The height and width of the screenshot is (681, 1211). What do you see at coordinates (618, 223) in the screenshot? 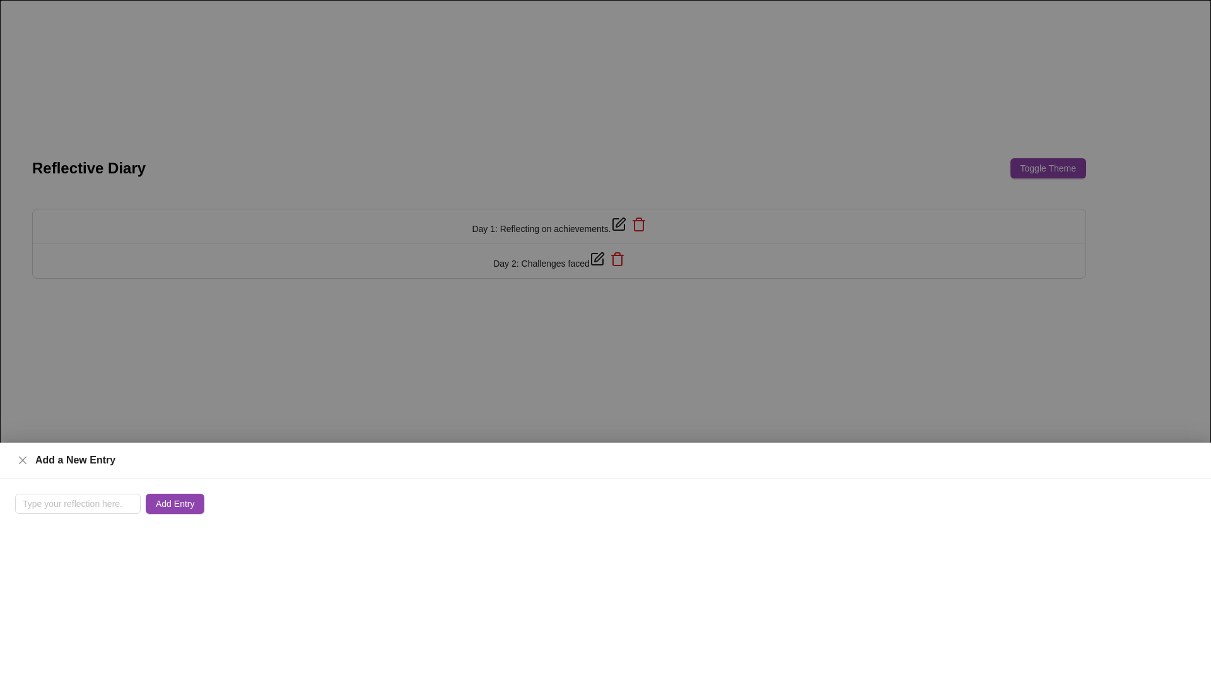
I see `the editing icon button located on the right side of the list item 'Day 1: Reflecting on achievements'` at bounding box center [618, 223].